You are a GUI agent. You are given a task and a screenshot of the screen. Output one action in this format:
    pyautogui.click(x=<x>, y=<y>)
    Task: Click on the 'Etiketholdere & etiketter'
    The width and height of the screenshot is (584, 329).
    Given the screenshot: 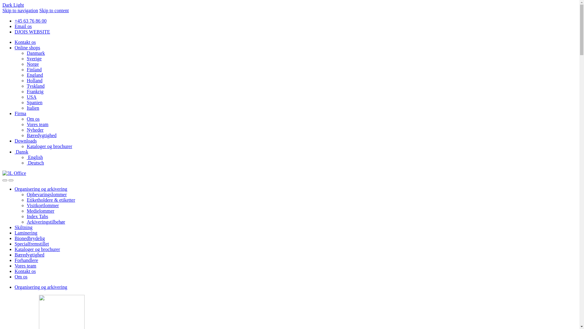 What is the action you would take?
    pyautogui.click(x=51, y=200)
    